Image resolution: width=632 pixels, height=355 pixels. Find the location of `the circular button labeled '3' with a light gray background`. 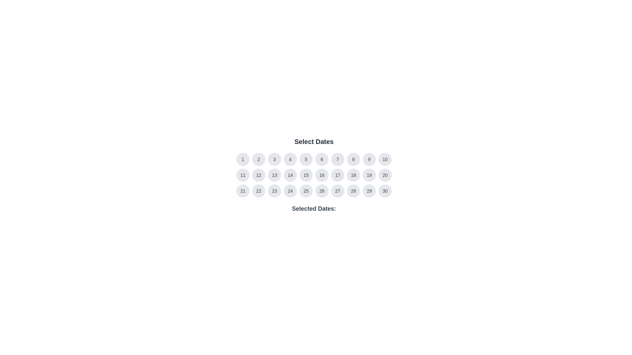

the circular button labeled '3' with a light gray background is located at coordinates (275, 159).